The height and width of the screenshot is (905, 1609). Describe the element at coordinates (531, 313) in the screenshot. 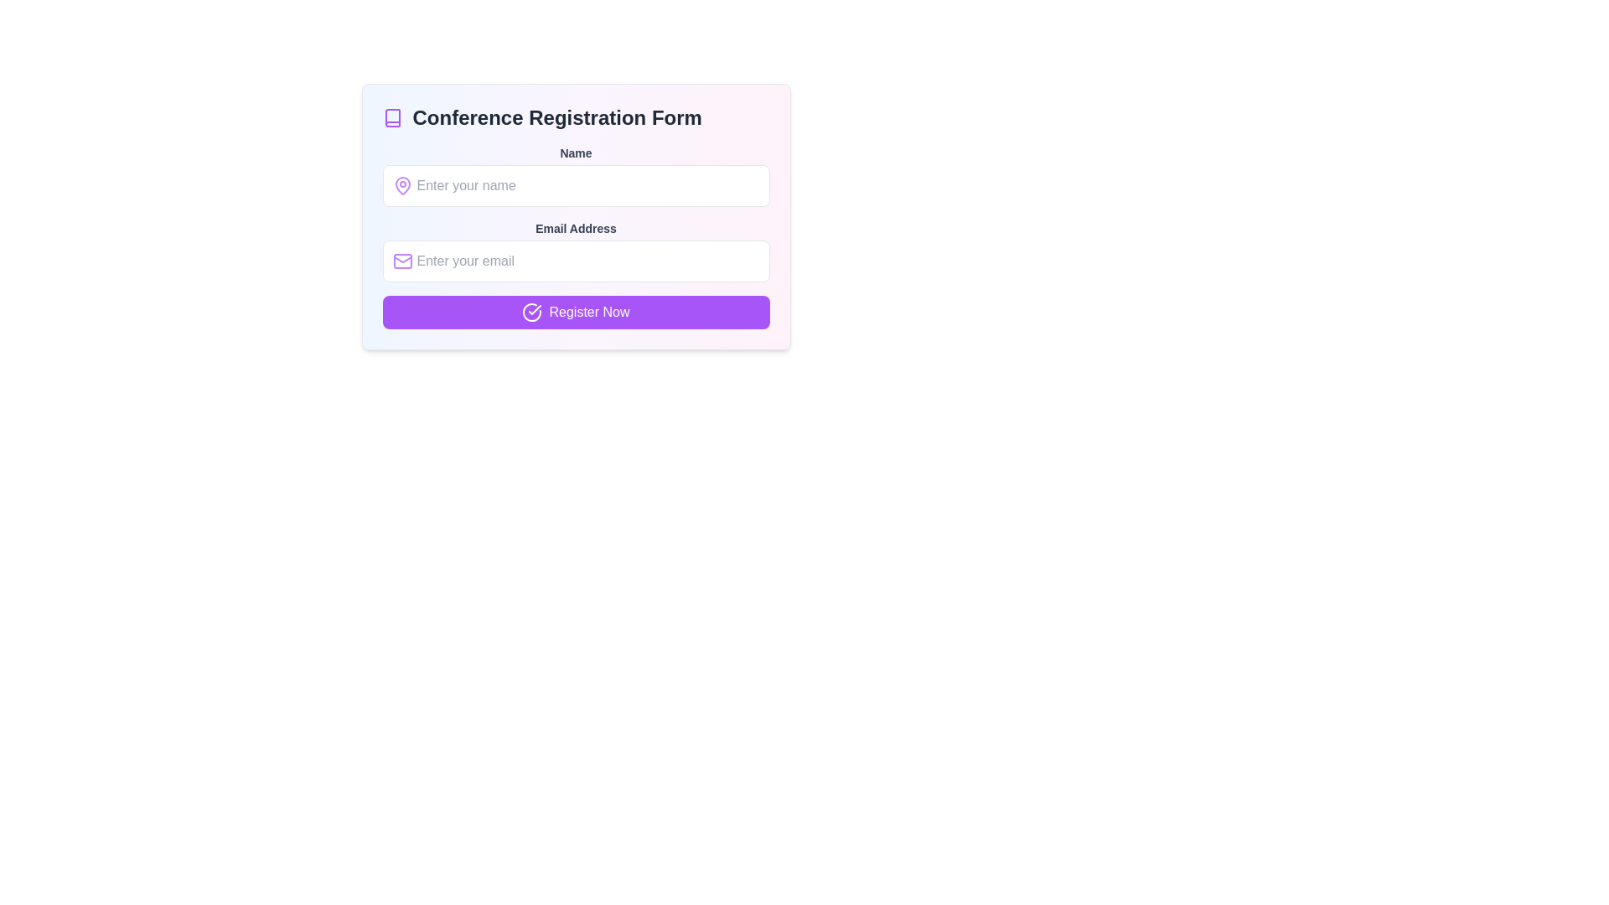

I see `the confirmation icon positioned to the left of the 'Register Now' button, which indicates a successful registration action` at that location.